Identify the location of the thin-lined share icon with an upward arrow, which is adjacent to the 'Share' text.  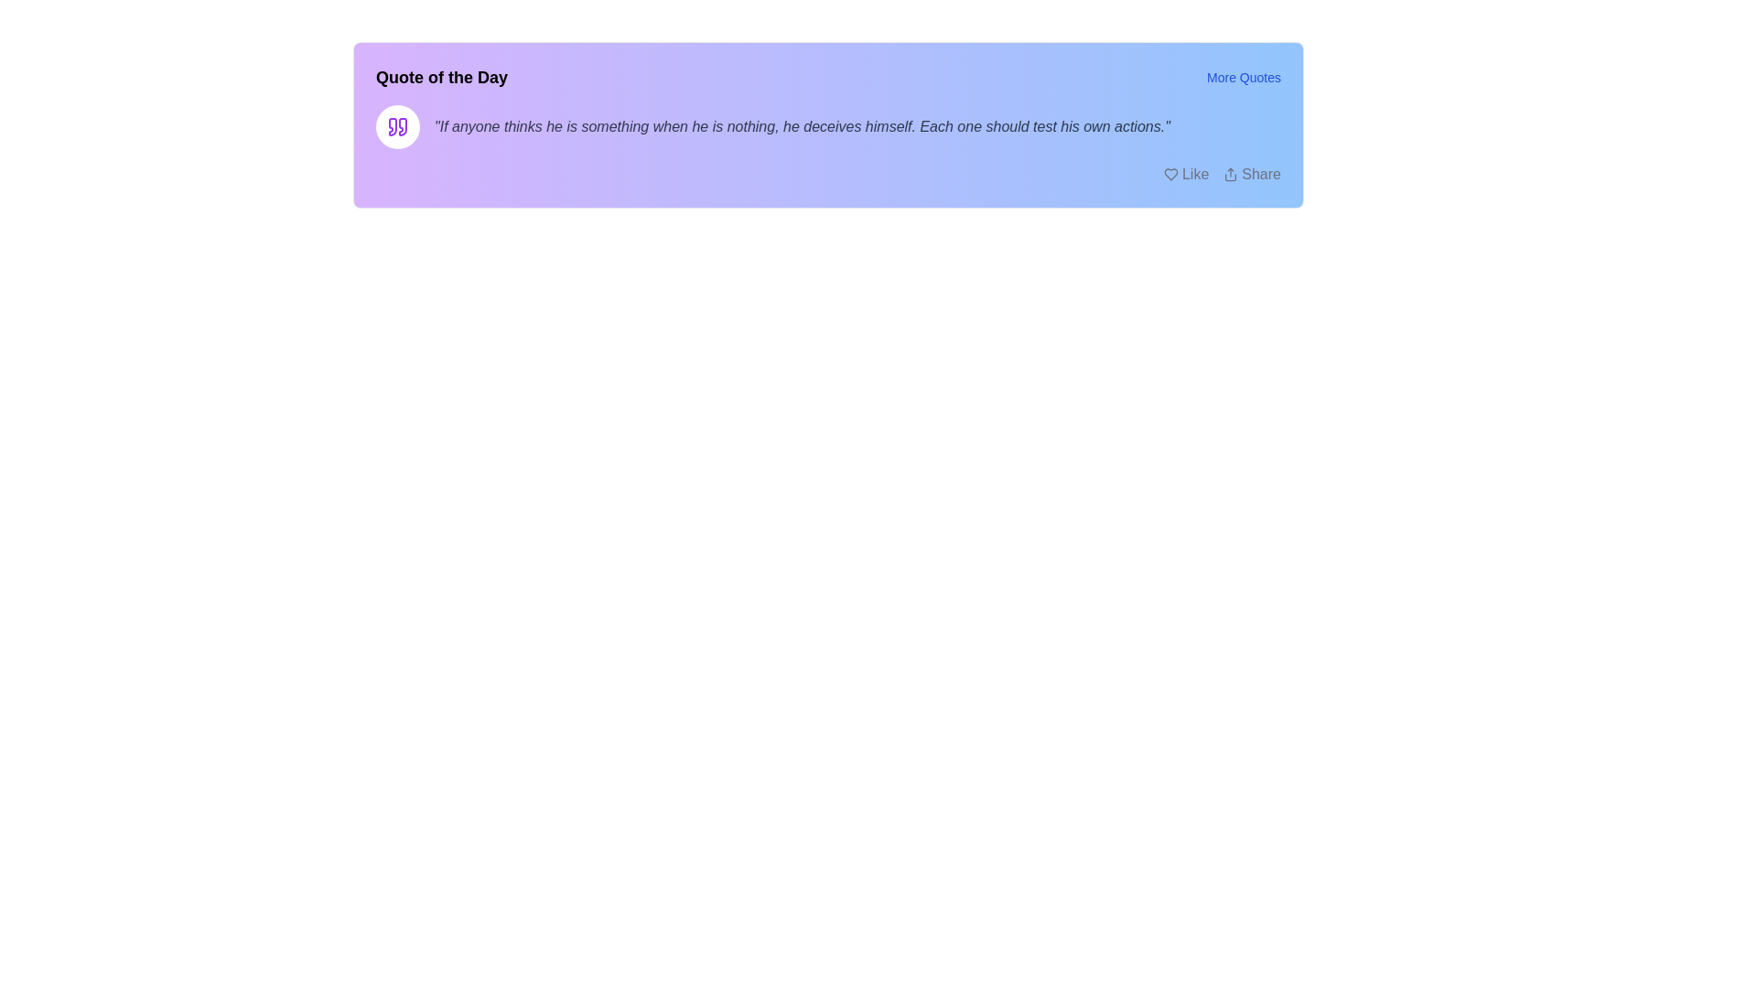
(1231, 175).